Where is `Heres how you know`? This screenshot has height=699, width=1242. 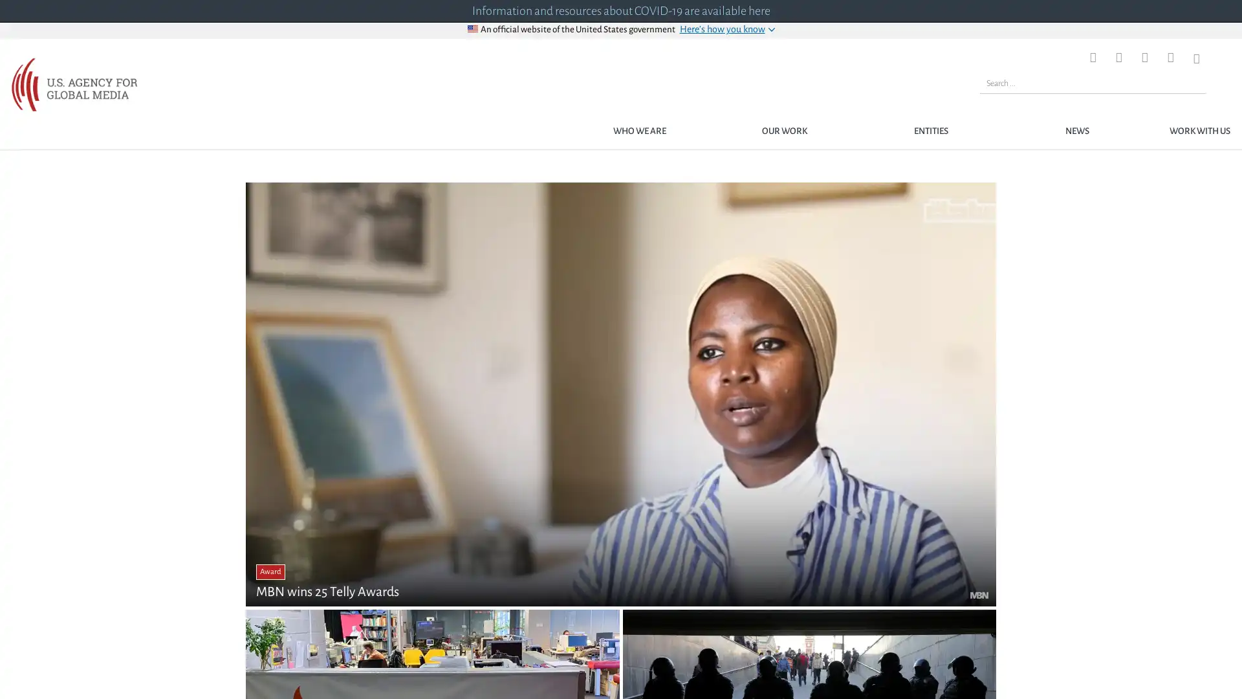 Heres how you know is located at coordinates (726, 29).